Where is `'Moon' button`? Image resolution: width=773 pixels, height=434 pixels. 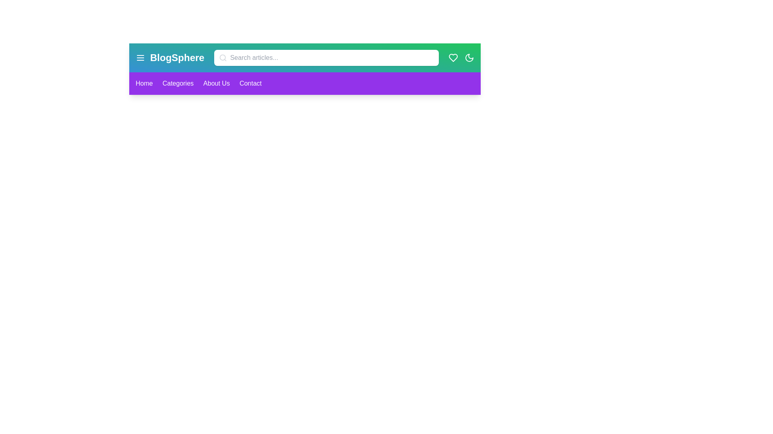 'Moon' button is located at coordinates (469, 57).